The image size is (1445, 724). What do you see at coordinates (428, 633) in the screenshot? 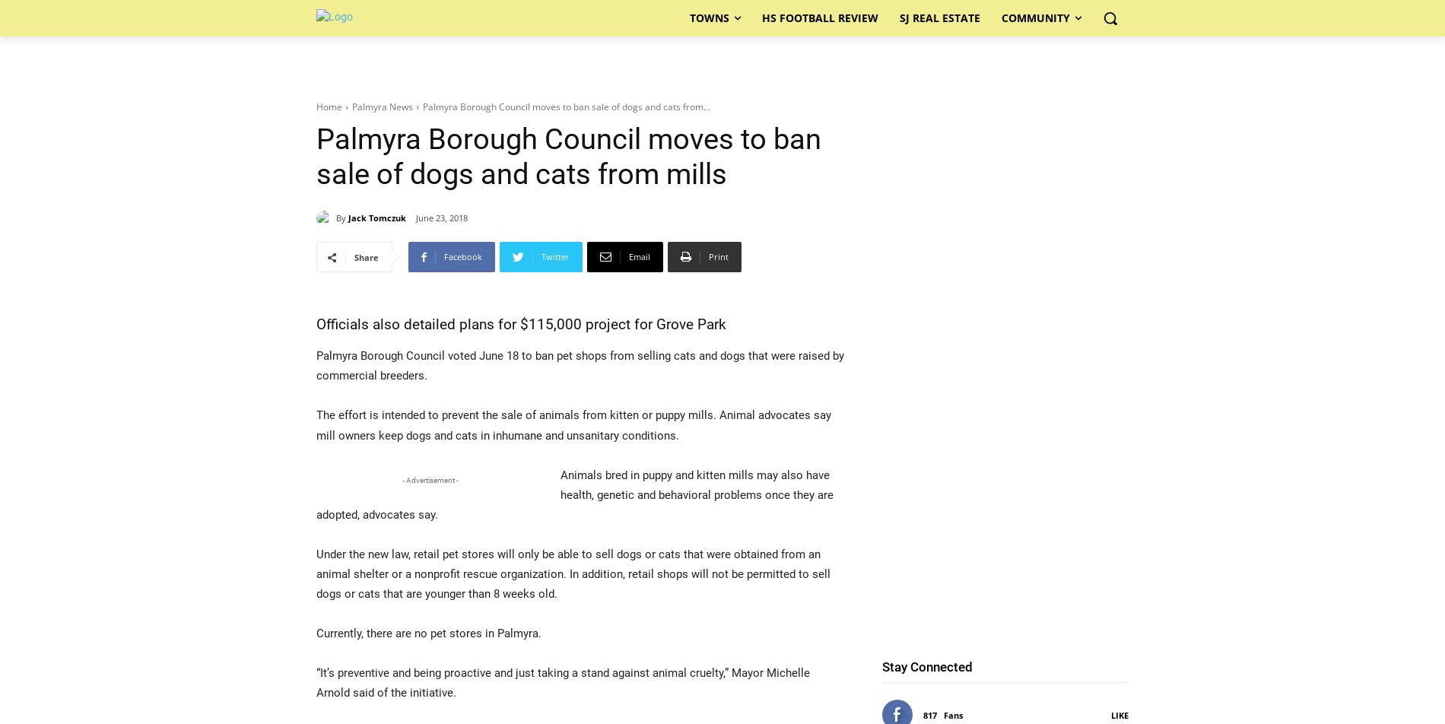
I see `'Currently, there are no pet stores in Palmyra.'` at bounding box center [428, 633].